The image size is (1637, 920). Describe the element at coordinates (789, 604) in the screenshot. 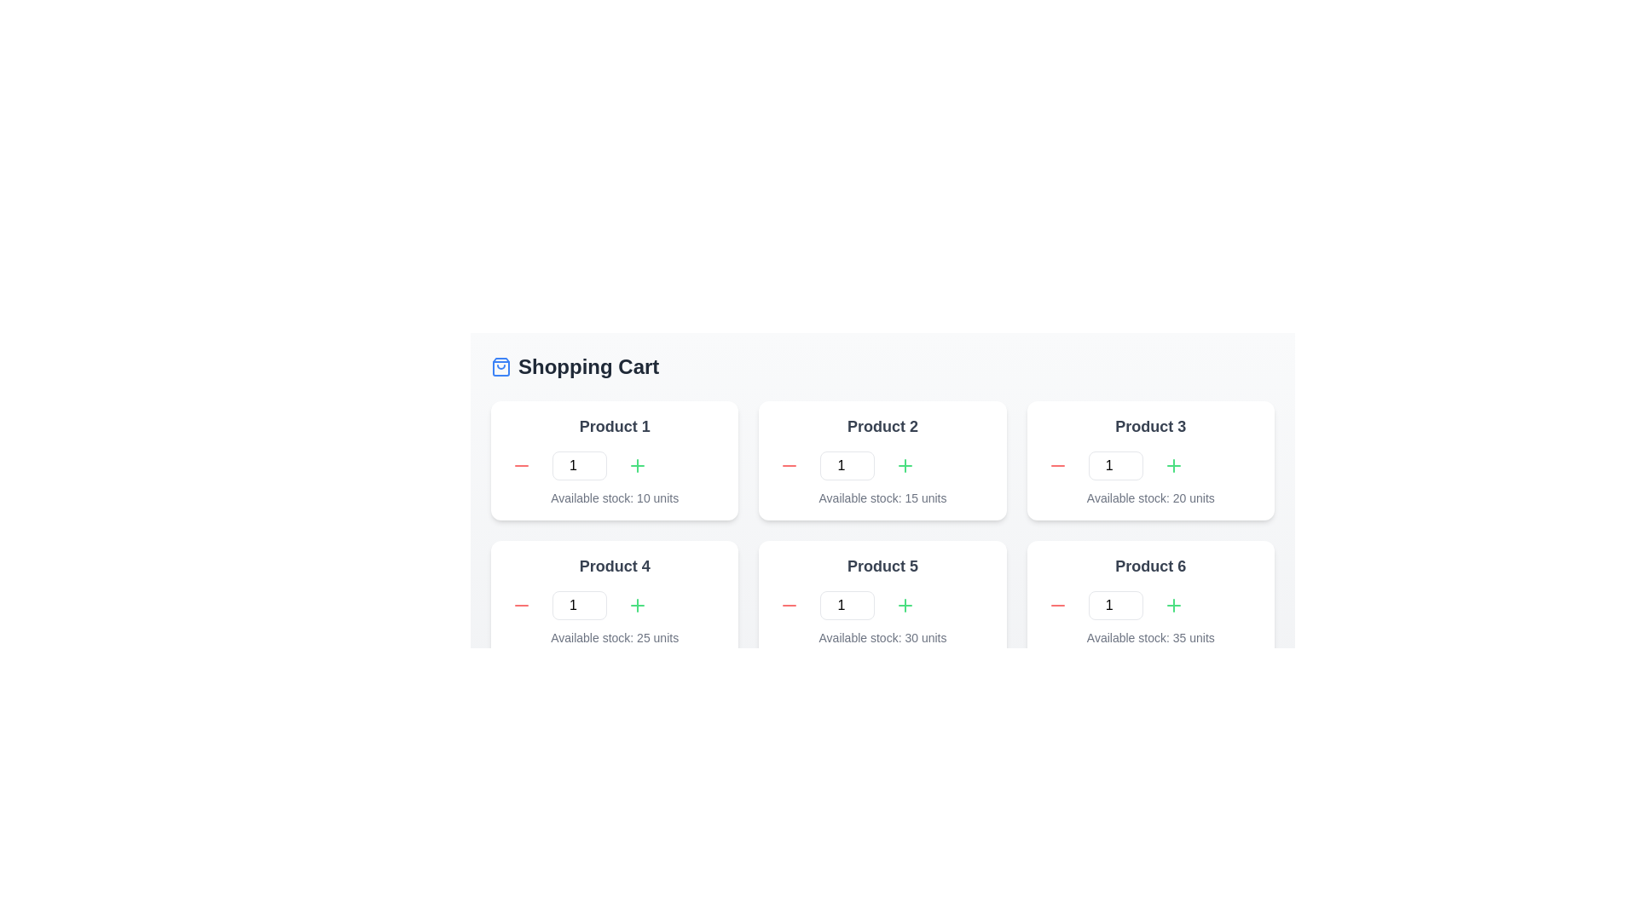

I see `the decrement button, which is a circular button with a red background featuring a minus symbol, located to the left of the quantity field within the 'Product 5' card` at that location.